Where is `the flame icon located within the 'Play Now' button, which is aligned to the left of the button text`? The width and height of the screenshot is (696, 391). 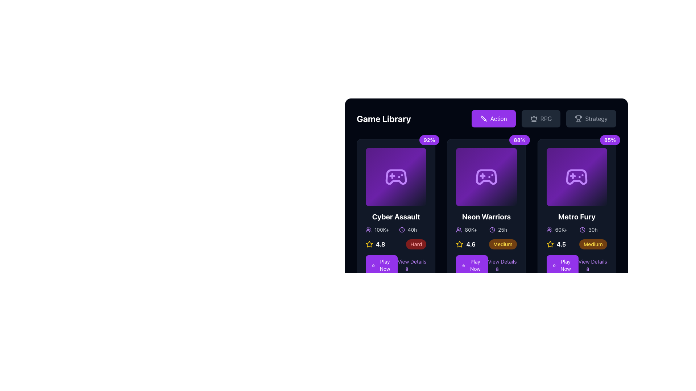
the flame icon located within the 'Play Now' button, which is aligned to the left of the button text is located at coordinates (373, 265).